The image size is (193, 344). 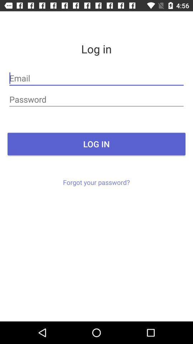 I want to click on the forgot your password? icon, so click(x=96, y=182).